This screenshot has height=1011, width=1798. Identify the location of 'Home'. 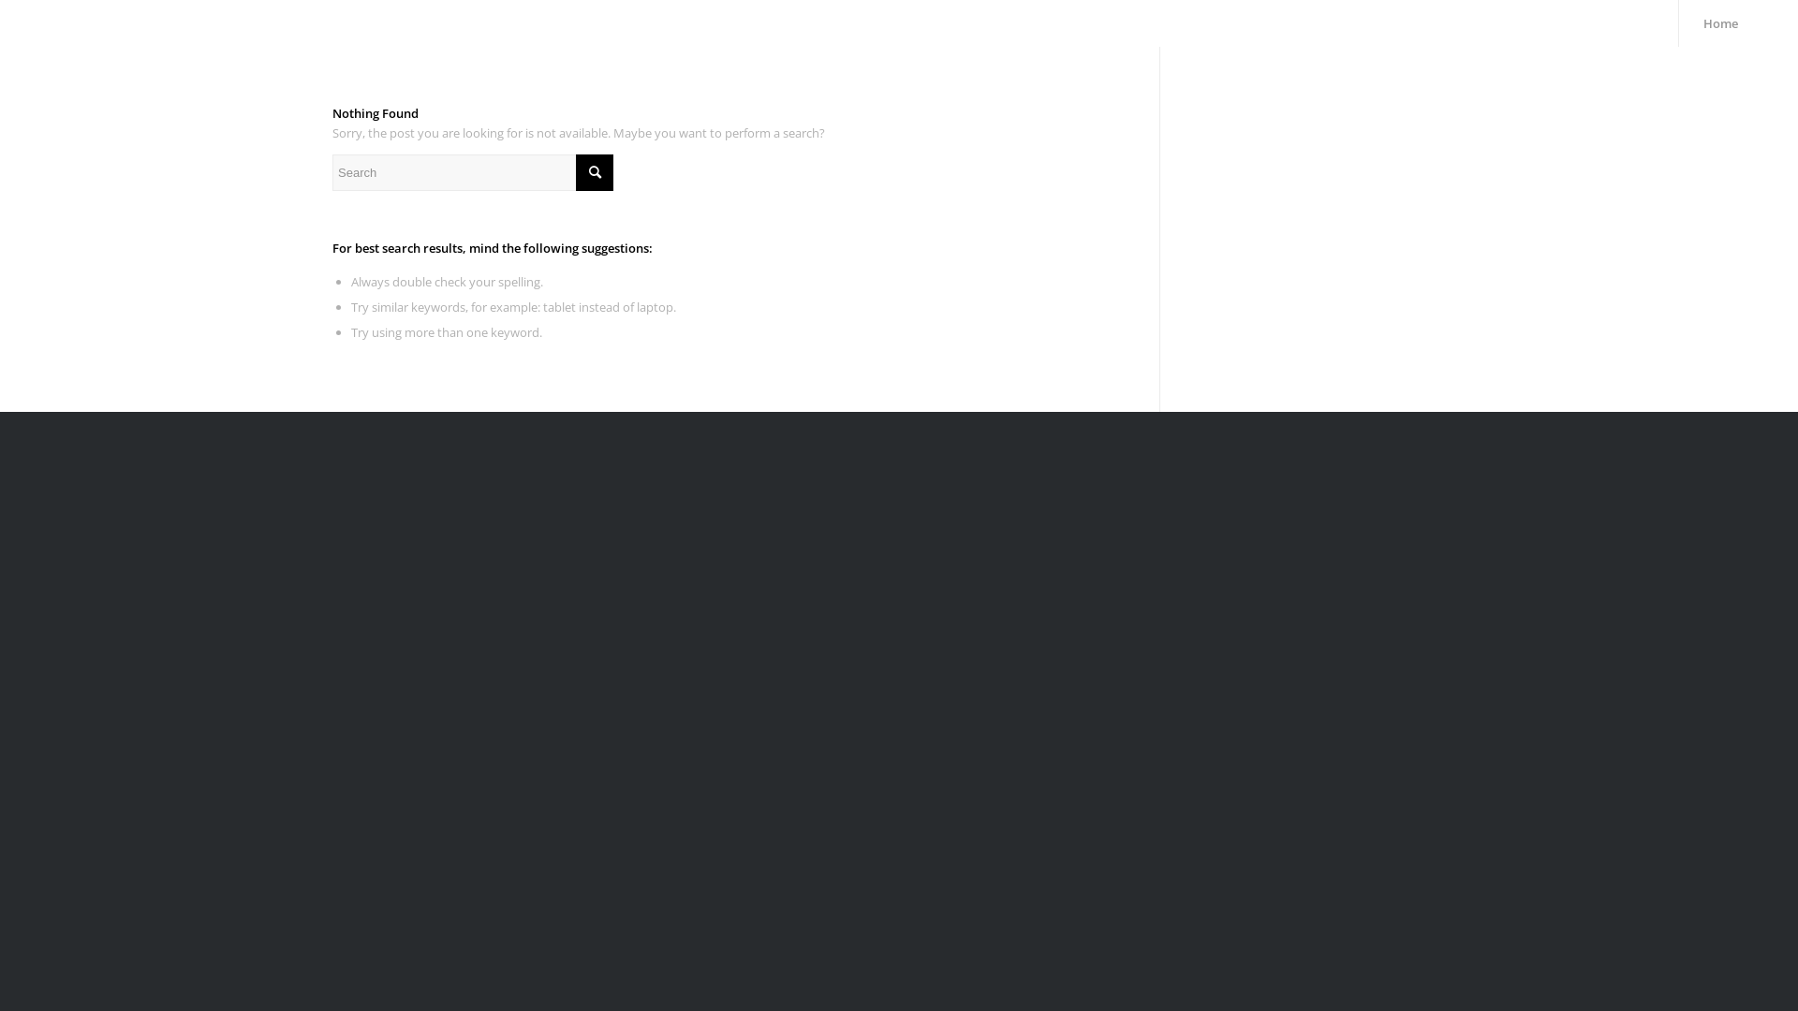
(1677, 22).